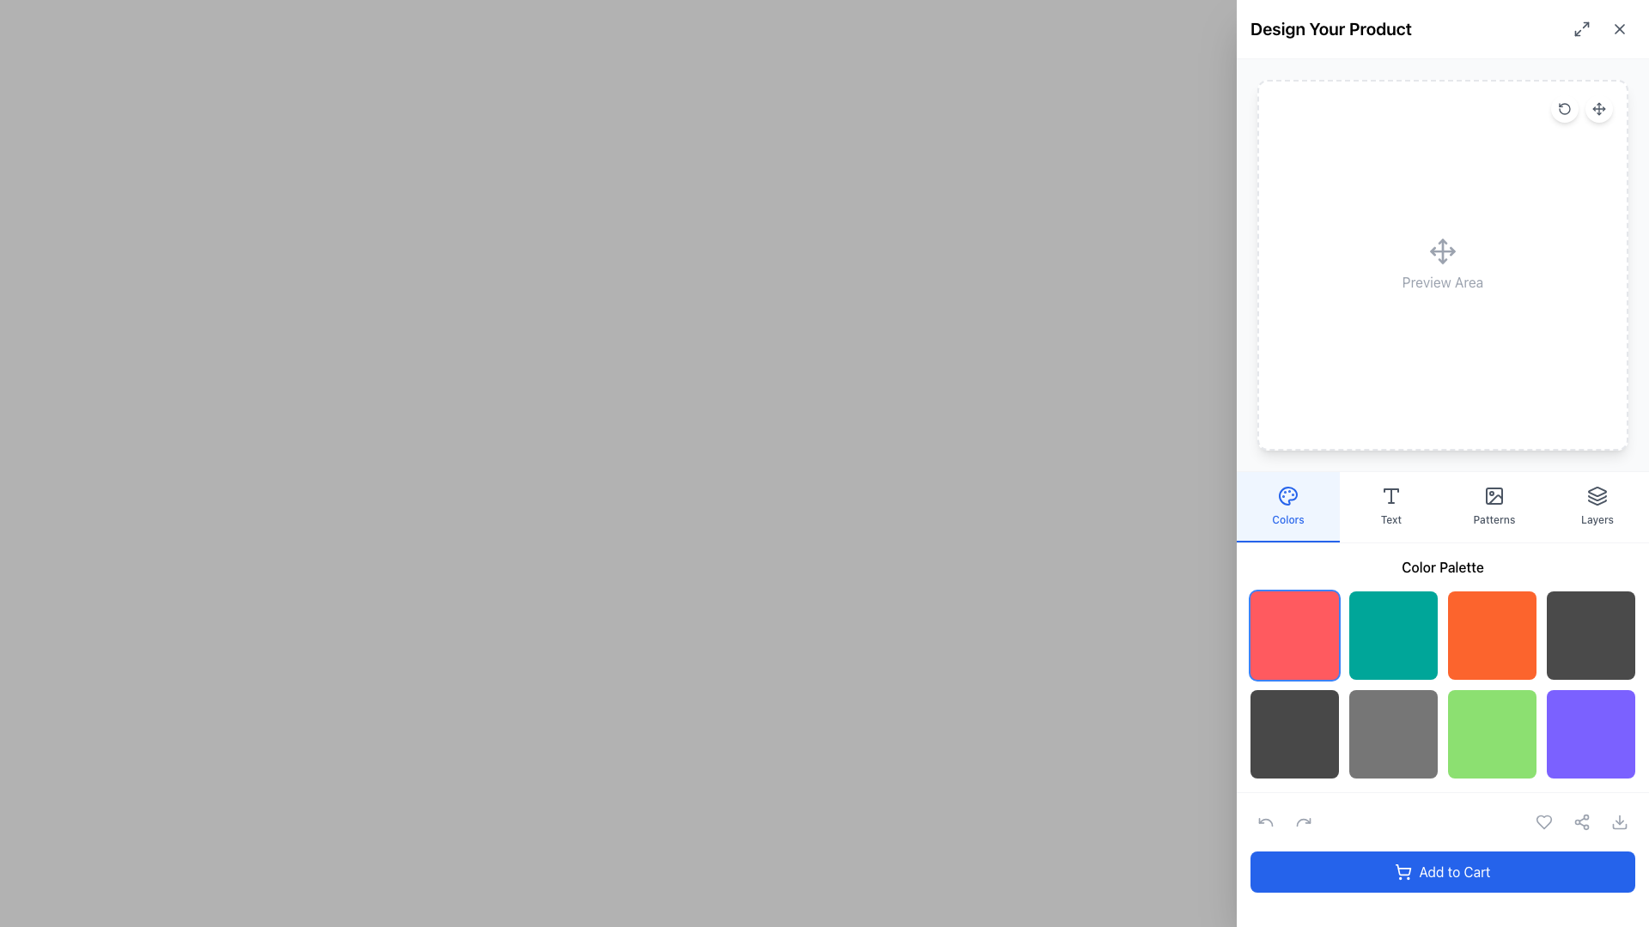 The height and width of the screenshot is (927, 1649). I want to click on the bold orange square-shaped button in the 'Color Palette' section, so click(1491, 635).